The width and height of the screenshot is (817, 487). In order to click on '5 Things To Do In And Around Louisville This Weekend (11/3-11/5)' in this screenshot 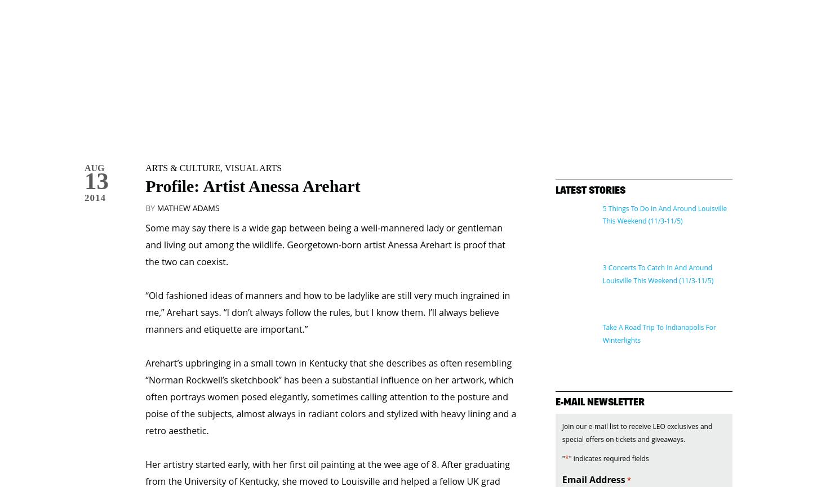, I will do `click(664, 167)`.